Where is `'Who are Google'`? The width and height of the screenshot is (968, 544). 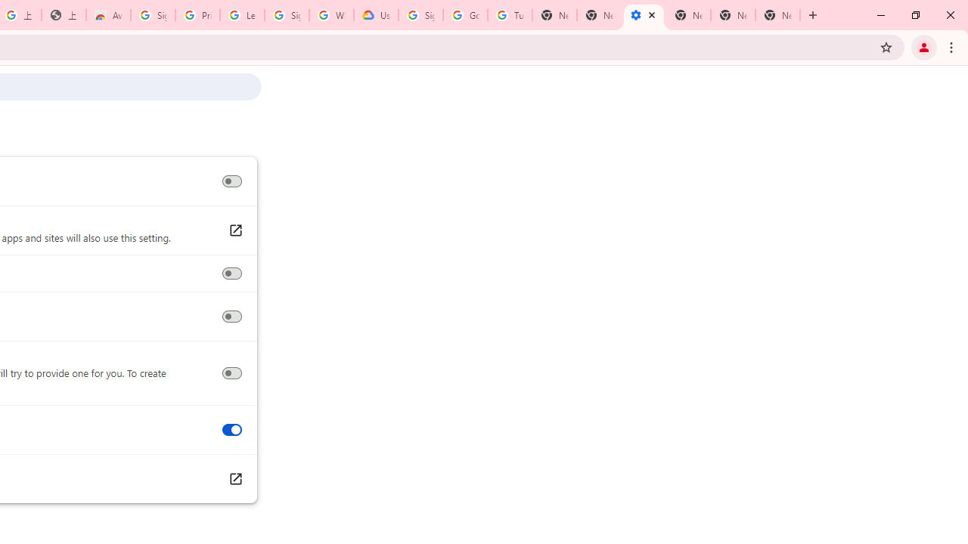 'Who are Google' is located at coordinates (330, 15).